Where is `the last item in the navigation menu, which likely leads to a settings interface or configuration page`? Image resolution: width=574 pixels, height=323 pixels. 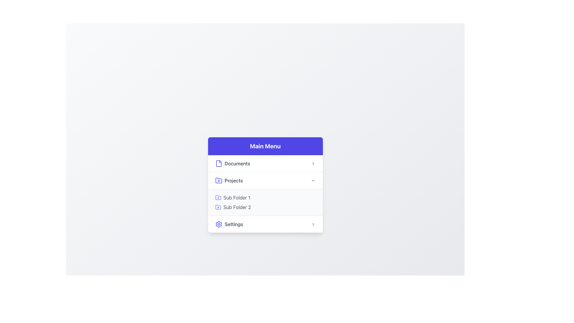 the last item in the navigation menu, which likely leads to a settings interface or configuration page is located at coordinates (229, 224).